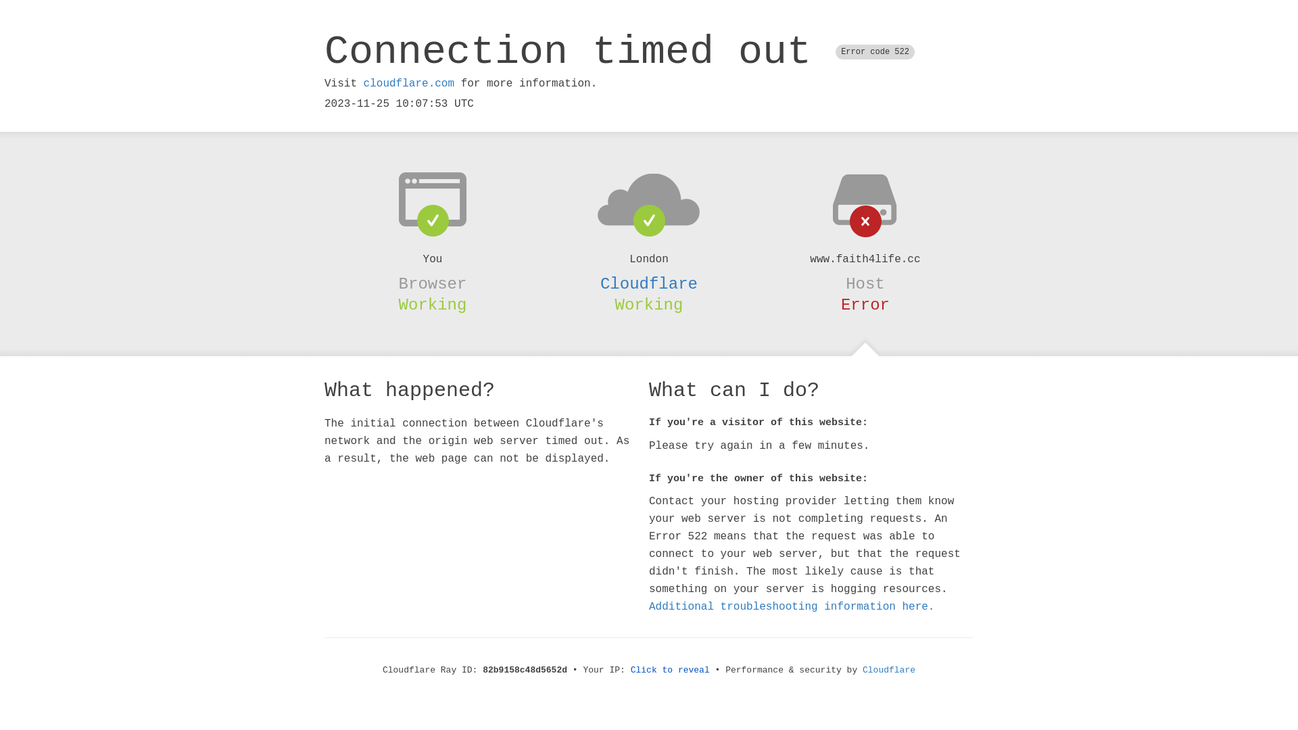  Describe the element at coordinates (629, 670) in the screenshot. I see `'Click to reveal'` at that location.